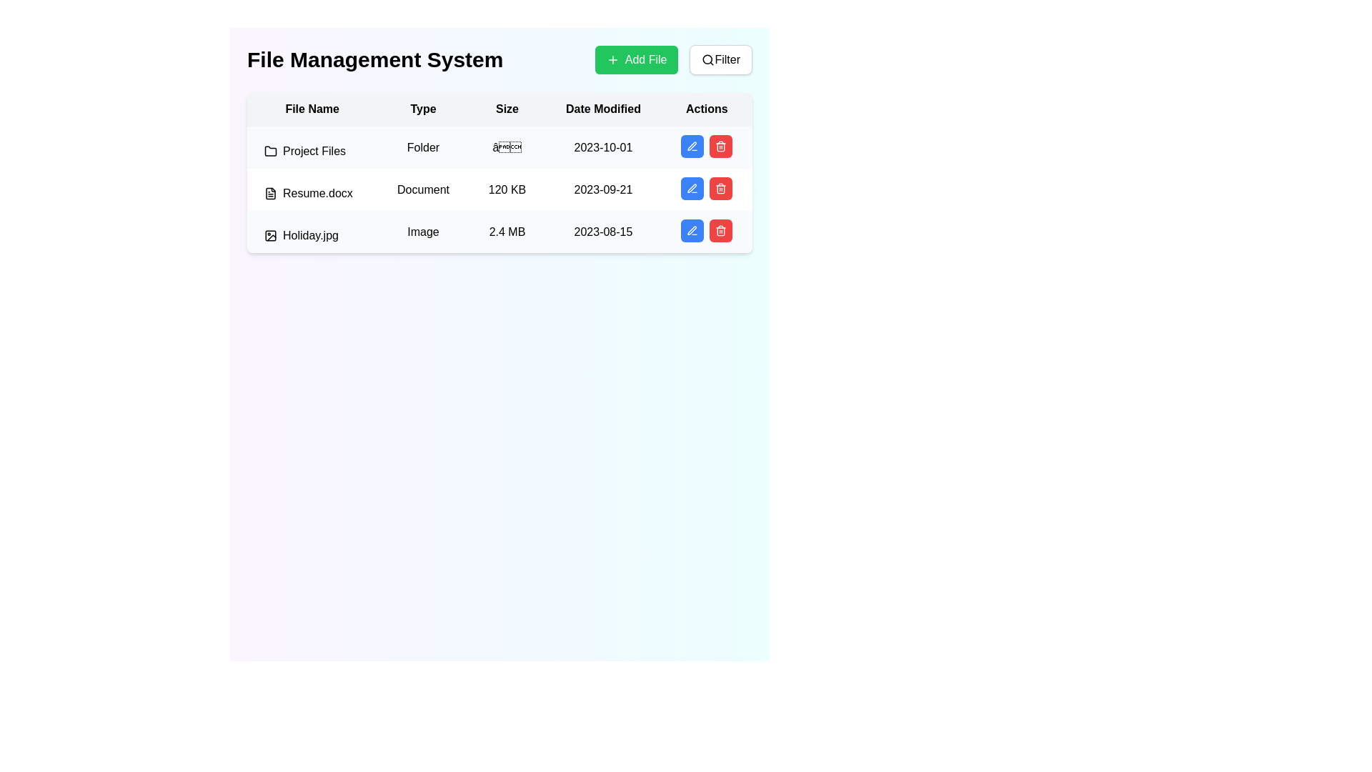 The width and height of the screenshot is (1372, 772). I want to click on the pen icon in the 'Actions' column of the second row to initiate edit mode for the 'Resume.docx' file, so click(692, 187).